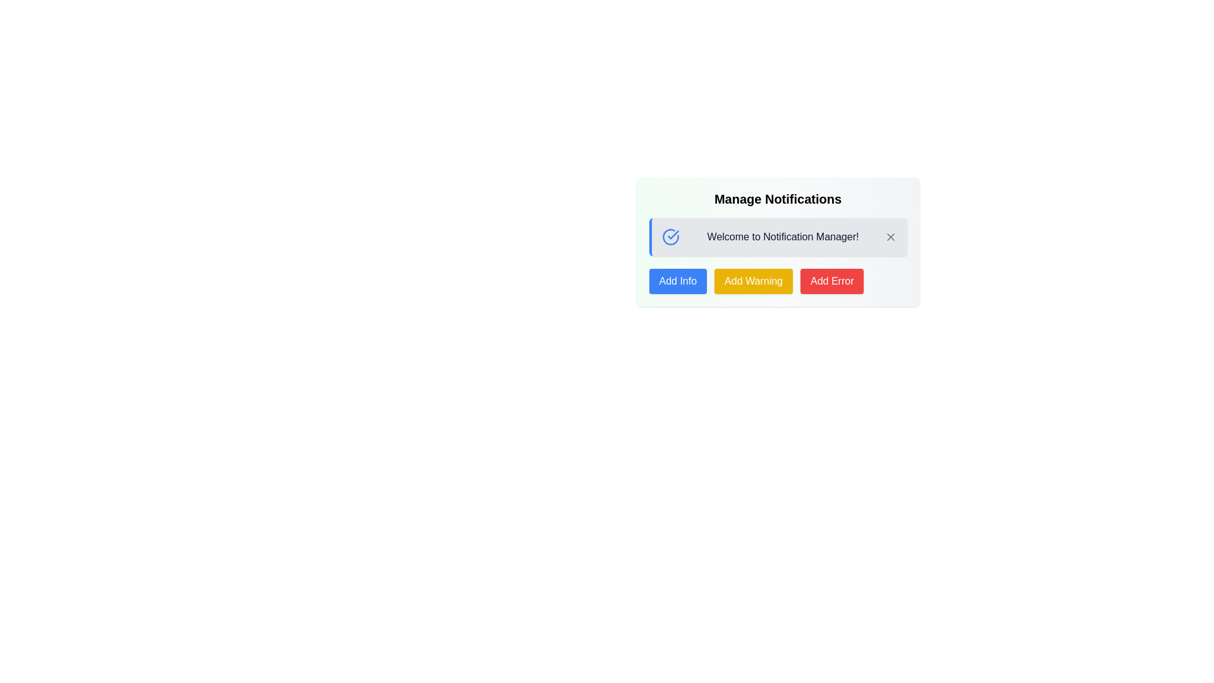  I want to click on the 'Add Error' button with a red background and white text to observe the hover effect, so click(832, 280).